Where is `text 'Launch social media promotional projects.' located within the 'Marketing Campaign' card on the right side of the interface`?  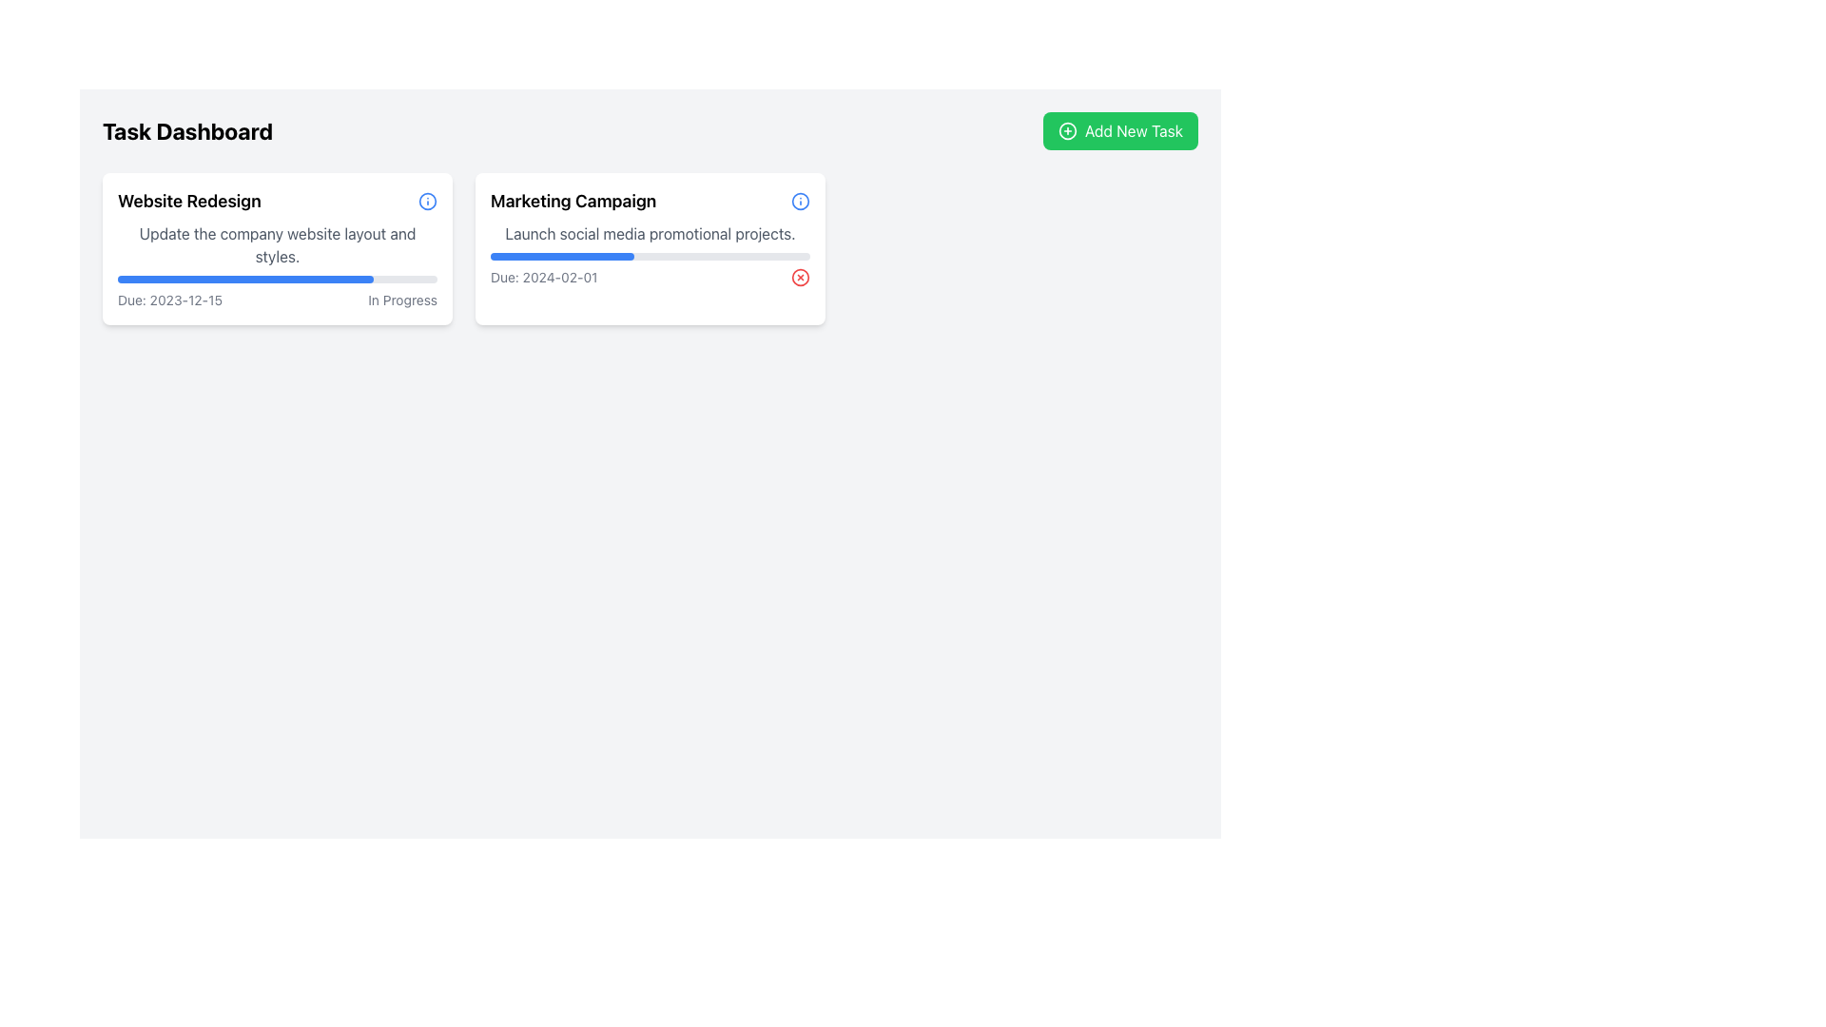 text 'Launch social media promotional projects.' located within the 'Marketing Campaign' card on the right side of the interface is located at coordinates (651, 233).